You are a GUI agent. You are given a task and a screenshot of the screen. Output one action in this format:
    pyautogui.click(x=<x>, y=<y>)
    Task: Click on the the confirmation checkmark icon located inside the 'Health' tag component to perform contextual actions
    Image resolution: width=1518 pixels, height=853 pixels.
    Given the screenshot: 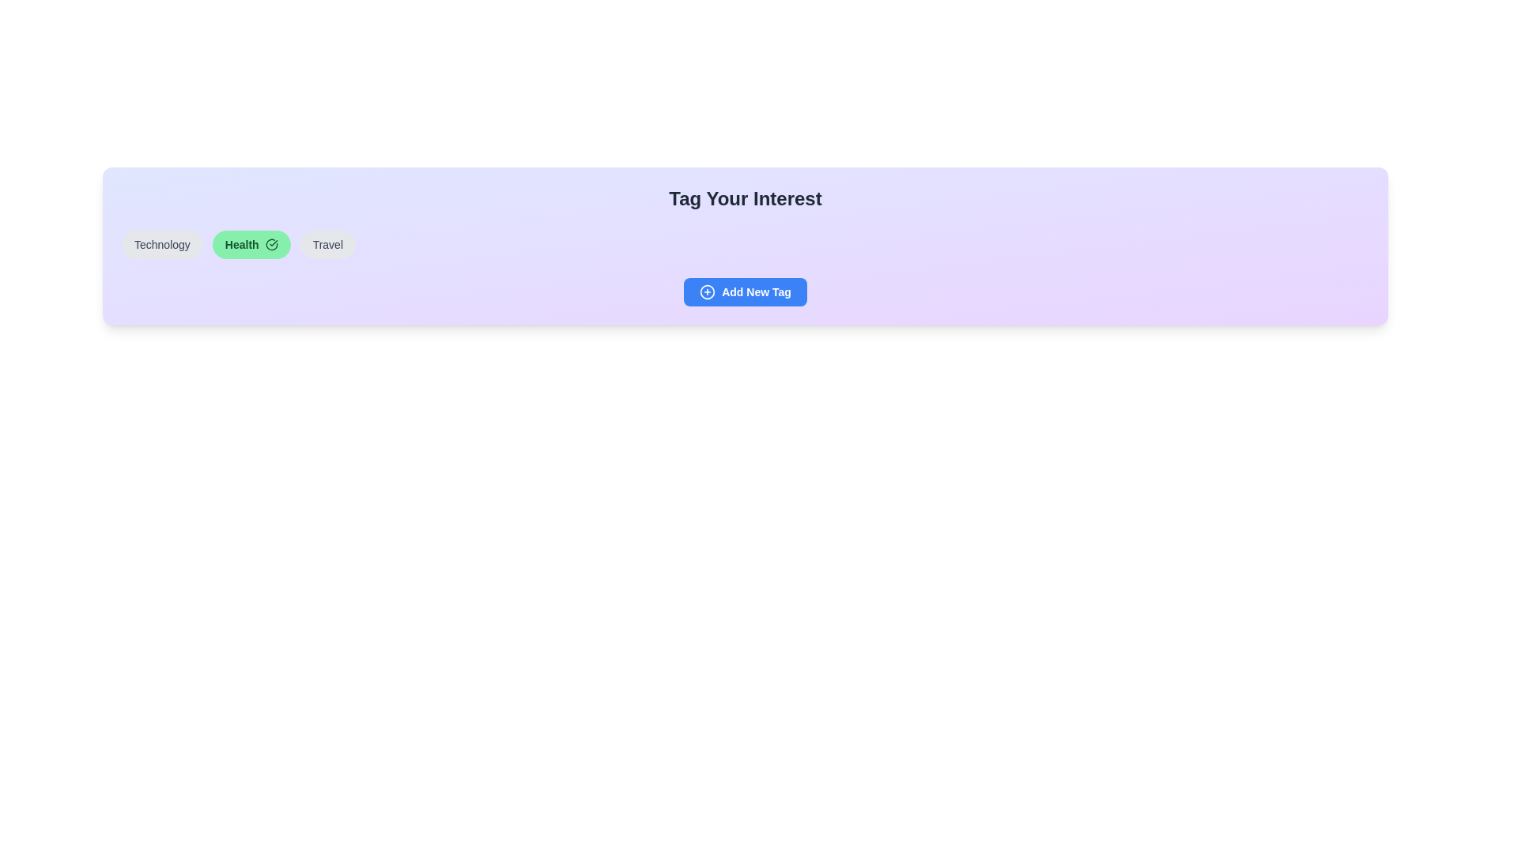 What is the action you would take?
    pyautogui.click(x=271, y=244)
    